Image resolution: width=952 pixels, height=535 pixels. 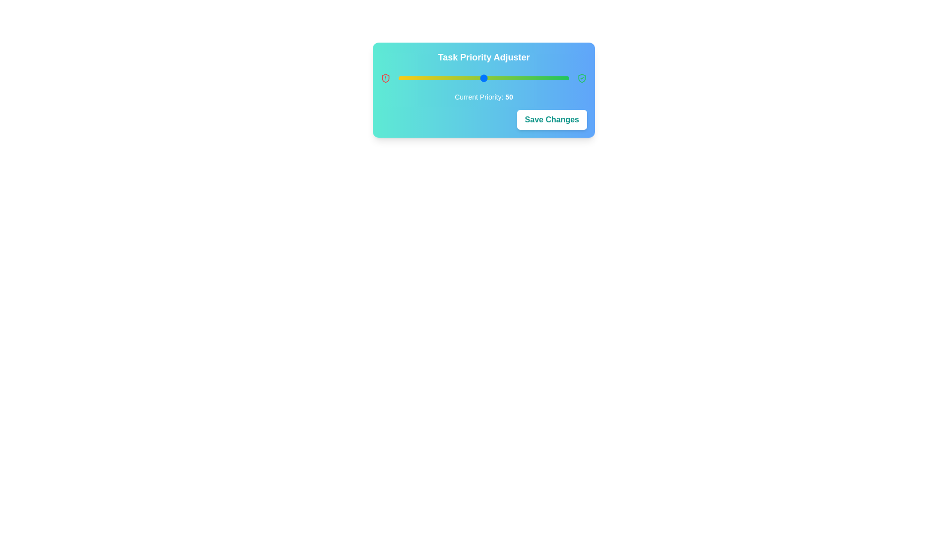 What do you see at coordinates (509, 78) in the screenshot?
I see `the priority slider to 65 by clicking on the slider track` at bounding box center [509, 78].